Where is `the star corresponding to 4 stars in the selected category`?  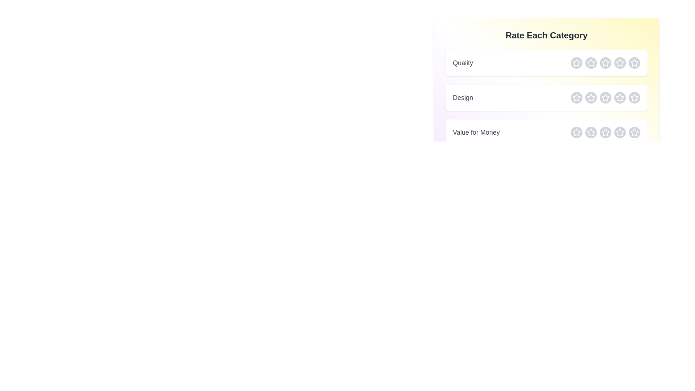
the star corresponding to 4 stars in the selected category is located at coordinates (620, 62).